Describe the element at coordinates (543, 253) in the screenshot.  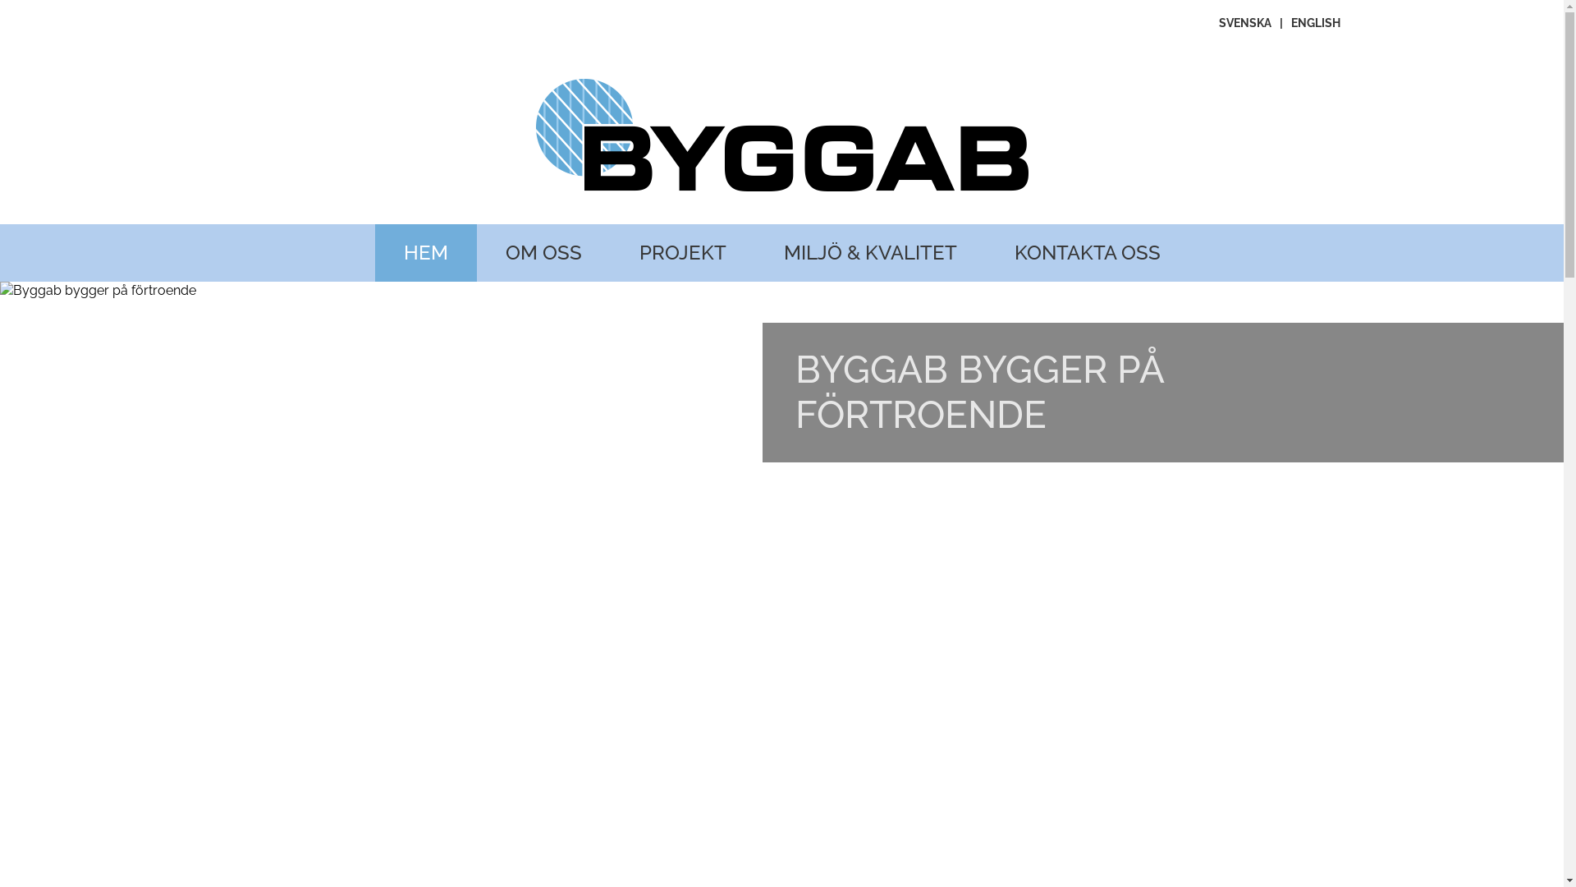
I see `'OM OSS'` at that location.